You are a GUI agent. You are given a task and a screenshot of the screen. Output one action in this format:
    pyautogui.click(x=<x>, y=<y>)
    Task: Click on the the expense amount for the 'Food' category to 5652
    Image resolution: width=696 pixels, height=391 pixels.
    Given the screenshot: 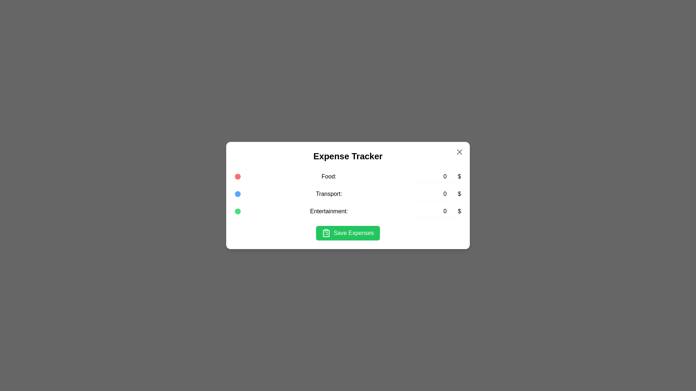 What is the action you would take?
    pyautogui.click(x=435, y=177)
    